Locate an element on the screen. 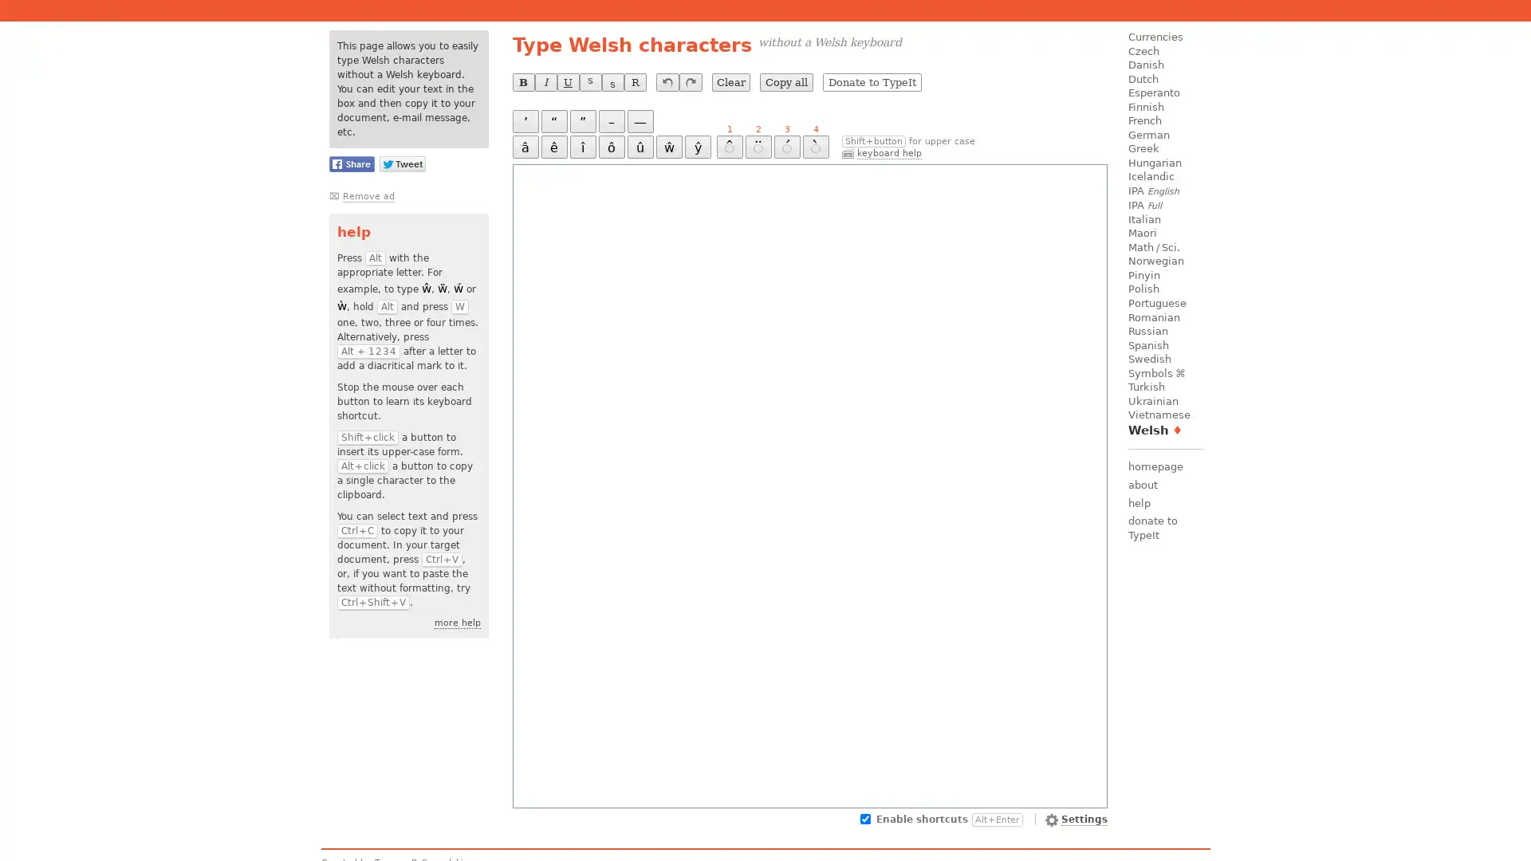 The width and height of the screenshot is (1531, 861). S is located at coordinates (588, 82).